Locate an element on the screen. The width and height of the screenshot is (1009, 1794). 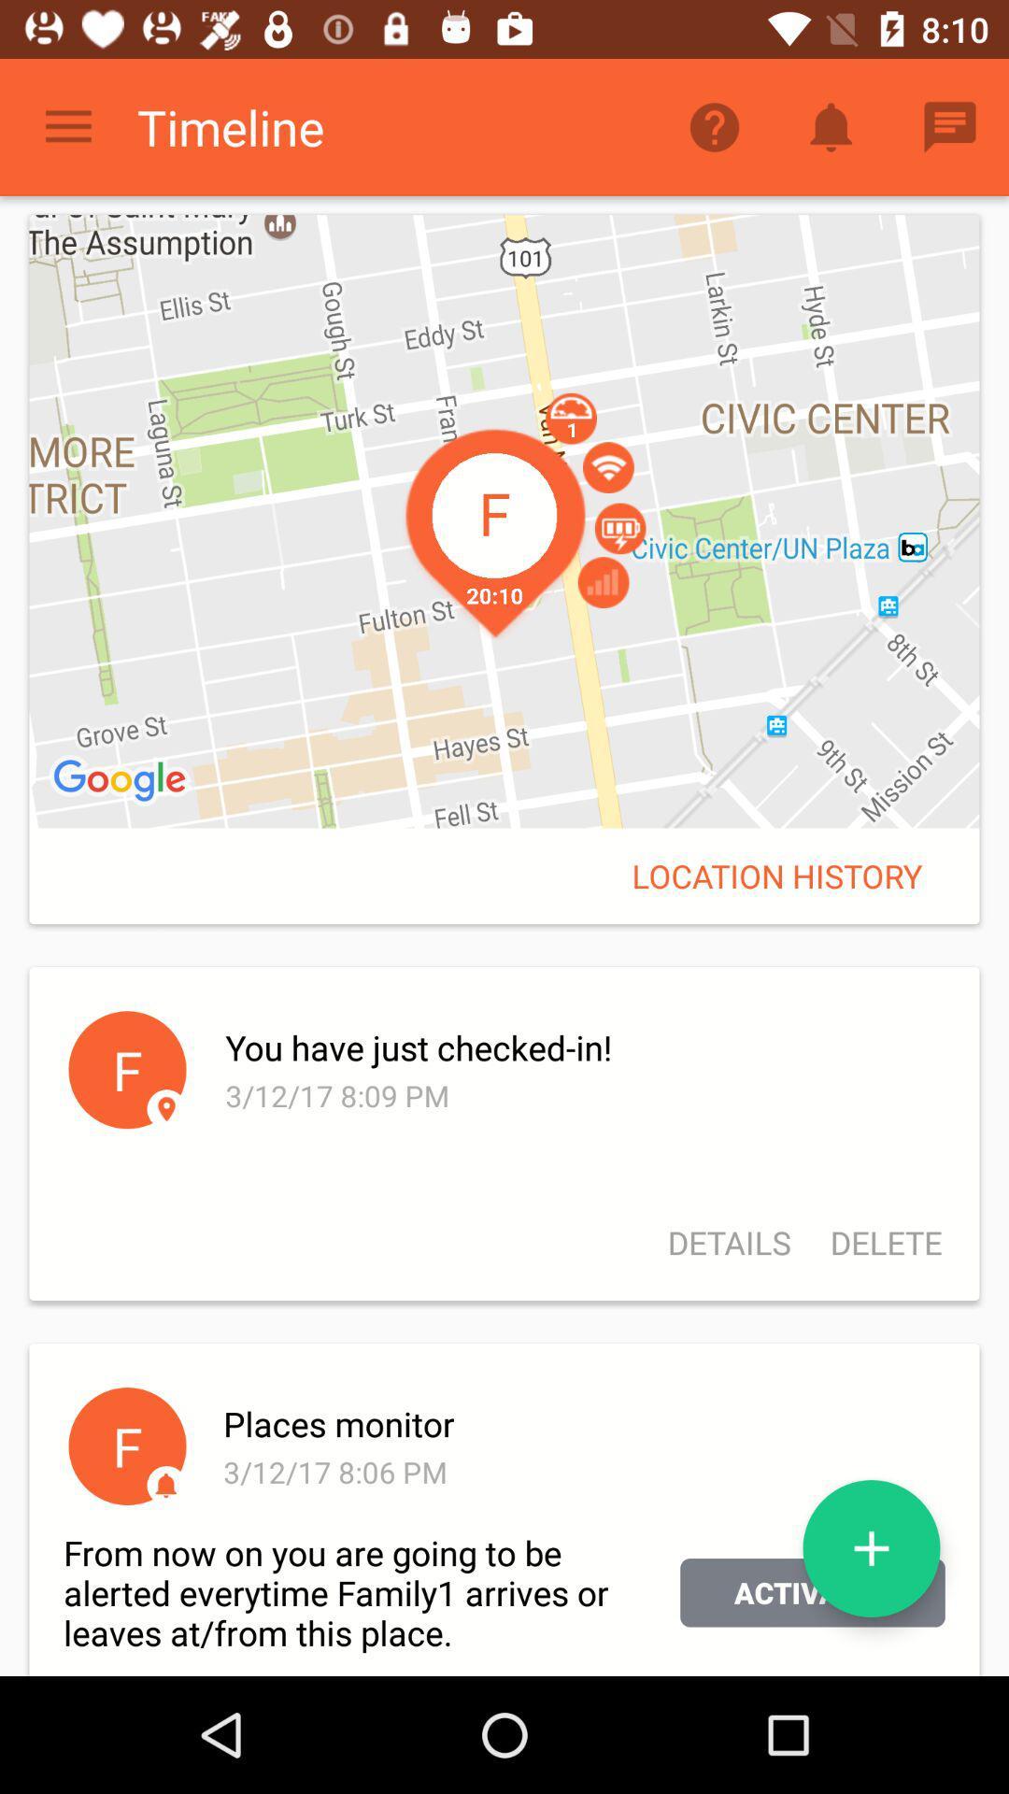
the from now on icon is located at coordinates (372, 1591).